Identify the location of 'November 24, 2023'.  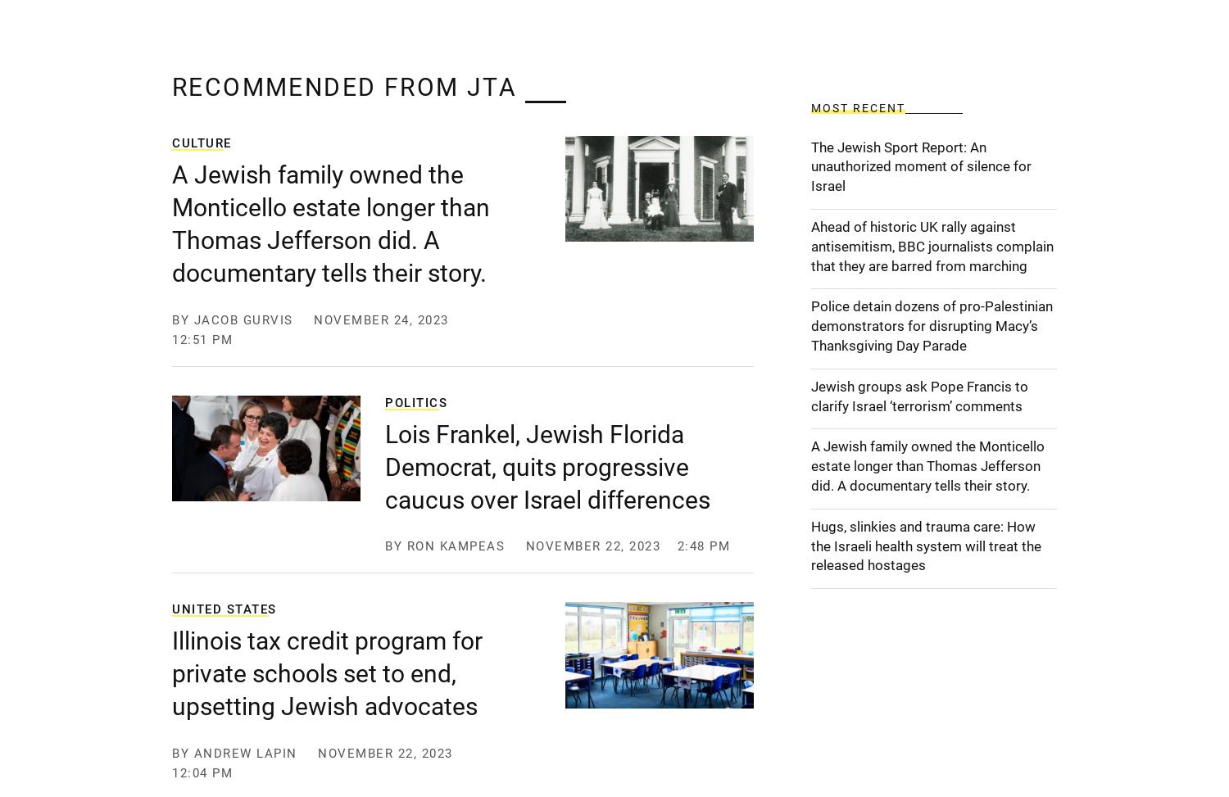
(380, 318).